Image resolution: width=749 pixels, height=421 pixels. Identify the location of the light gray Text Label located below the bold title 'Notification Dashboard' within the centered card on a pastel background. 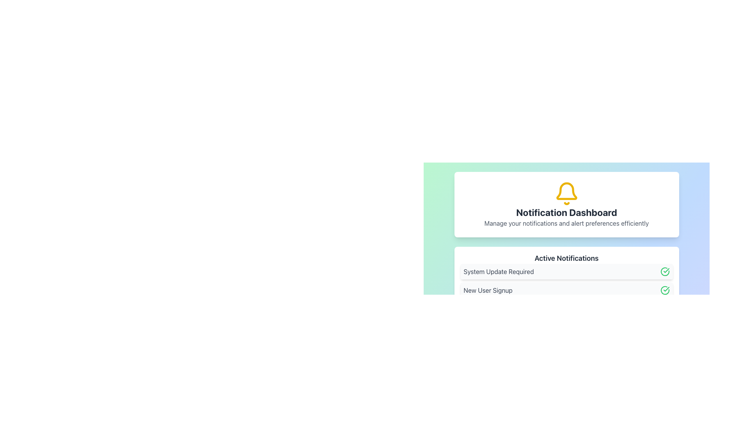
(566, 223).